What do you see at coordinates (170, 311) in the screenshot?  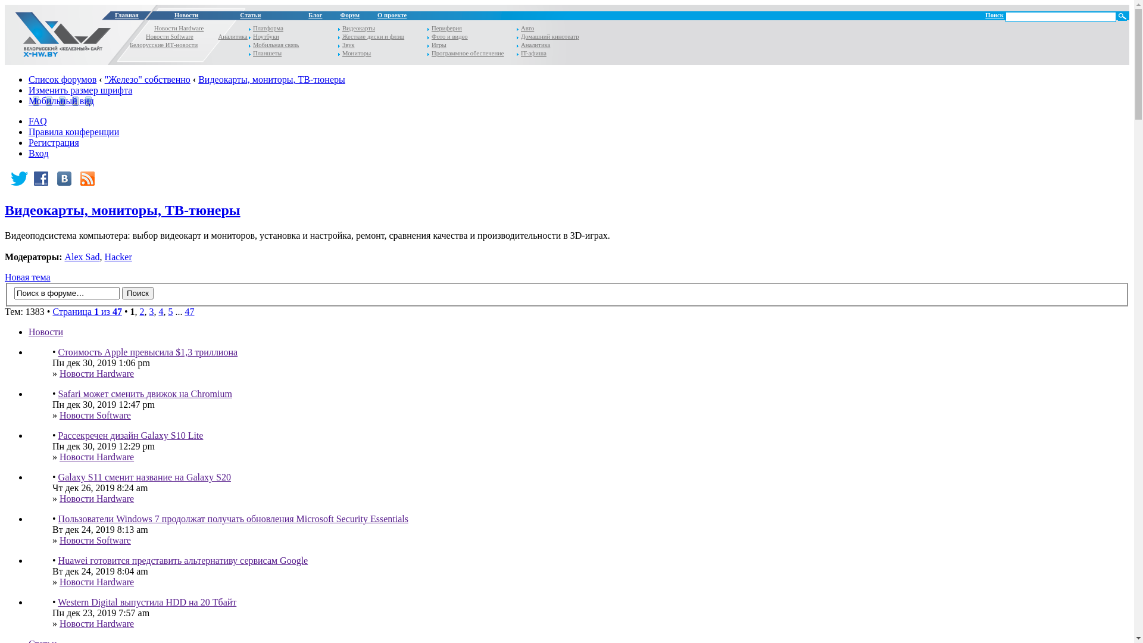 I see `'5'` at bounding box center [170, 311].